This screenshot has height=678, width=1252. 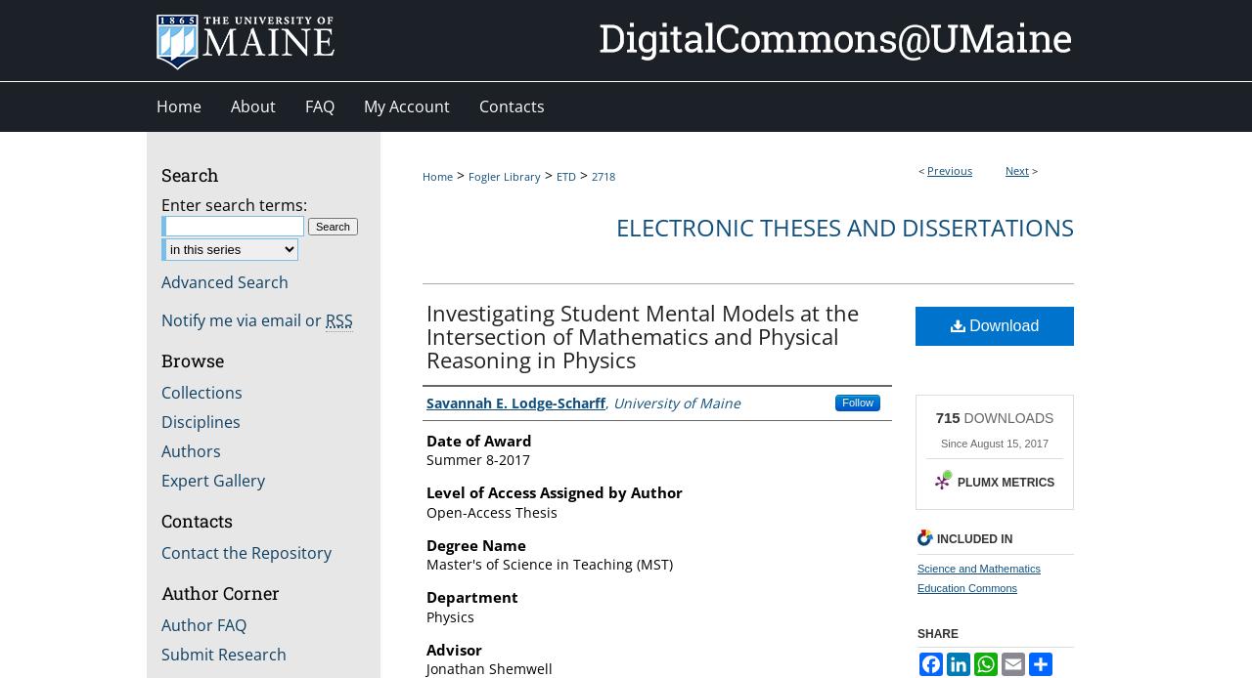 What do you see at coordinates (453, 648) in the screenshot?
I see `'Advisor'` at bounding box center [453, 648].